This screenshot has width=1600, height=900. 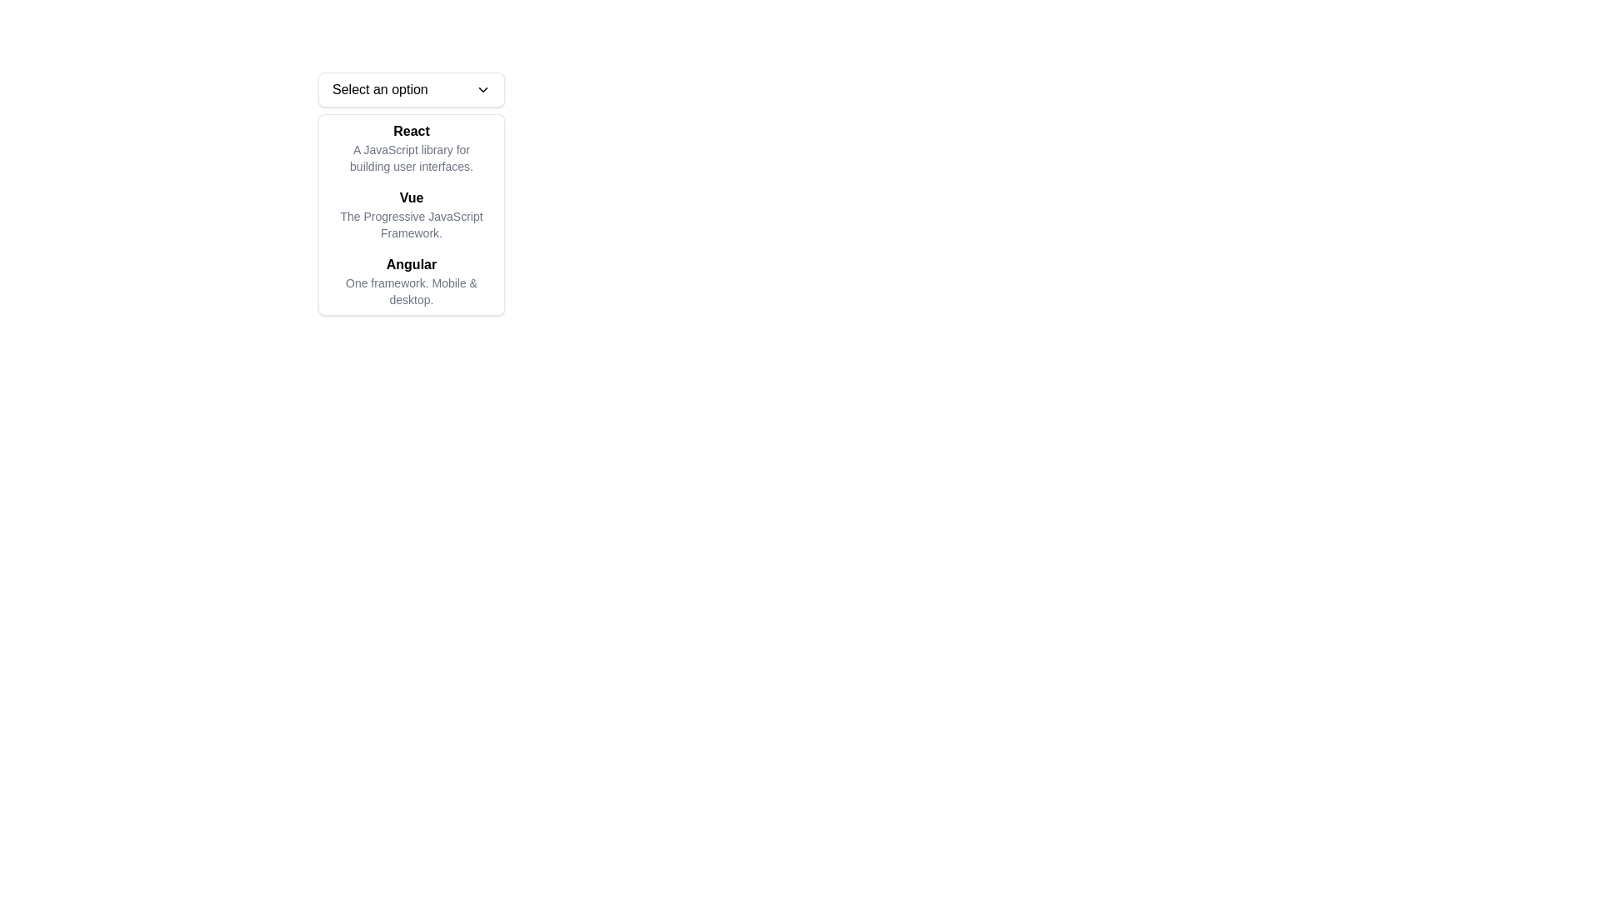 I want to click on to select the 'React' option in the dropdown menu, which is the first selectable item listed above 'Vue' and 'Angular', so click(x=412, y=147).